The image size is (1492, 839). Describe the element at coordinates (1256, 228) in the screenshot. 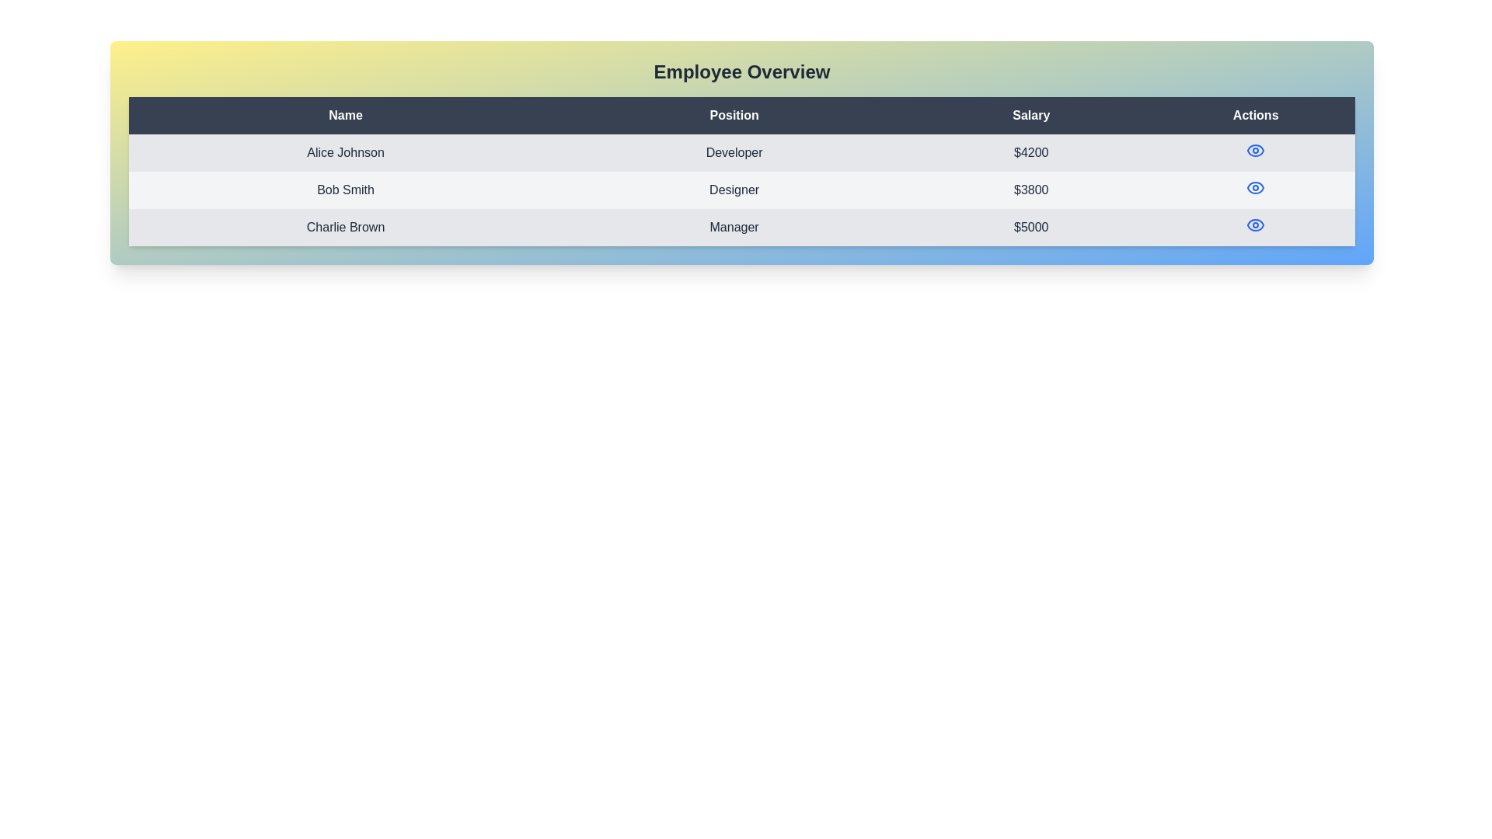

I see `the button/icon in the 'Actions' column for the row of 'Charlie Brown'` at that location.